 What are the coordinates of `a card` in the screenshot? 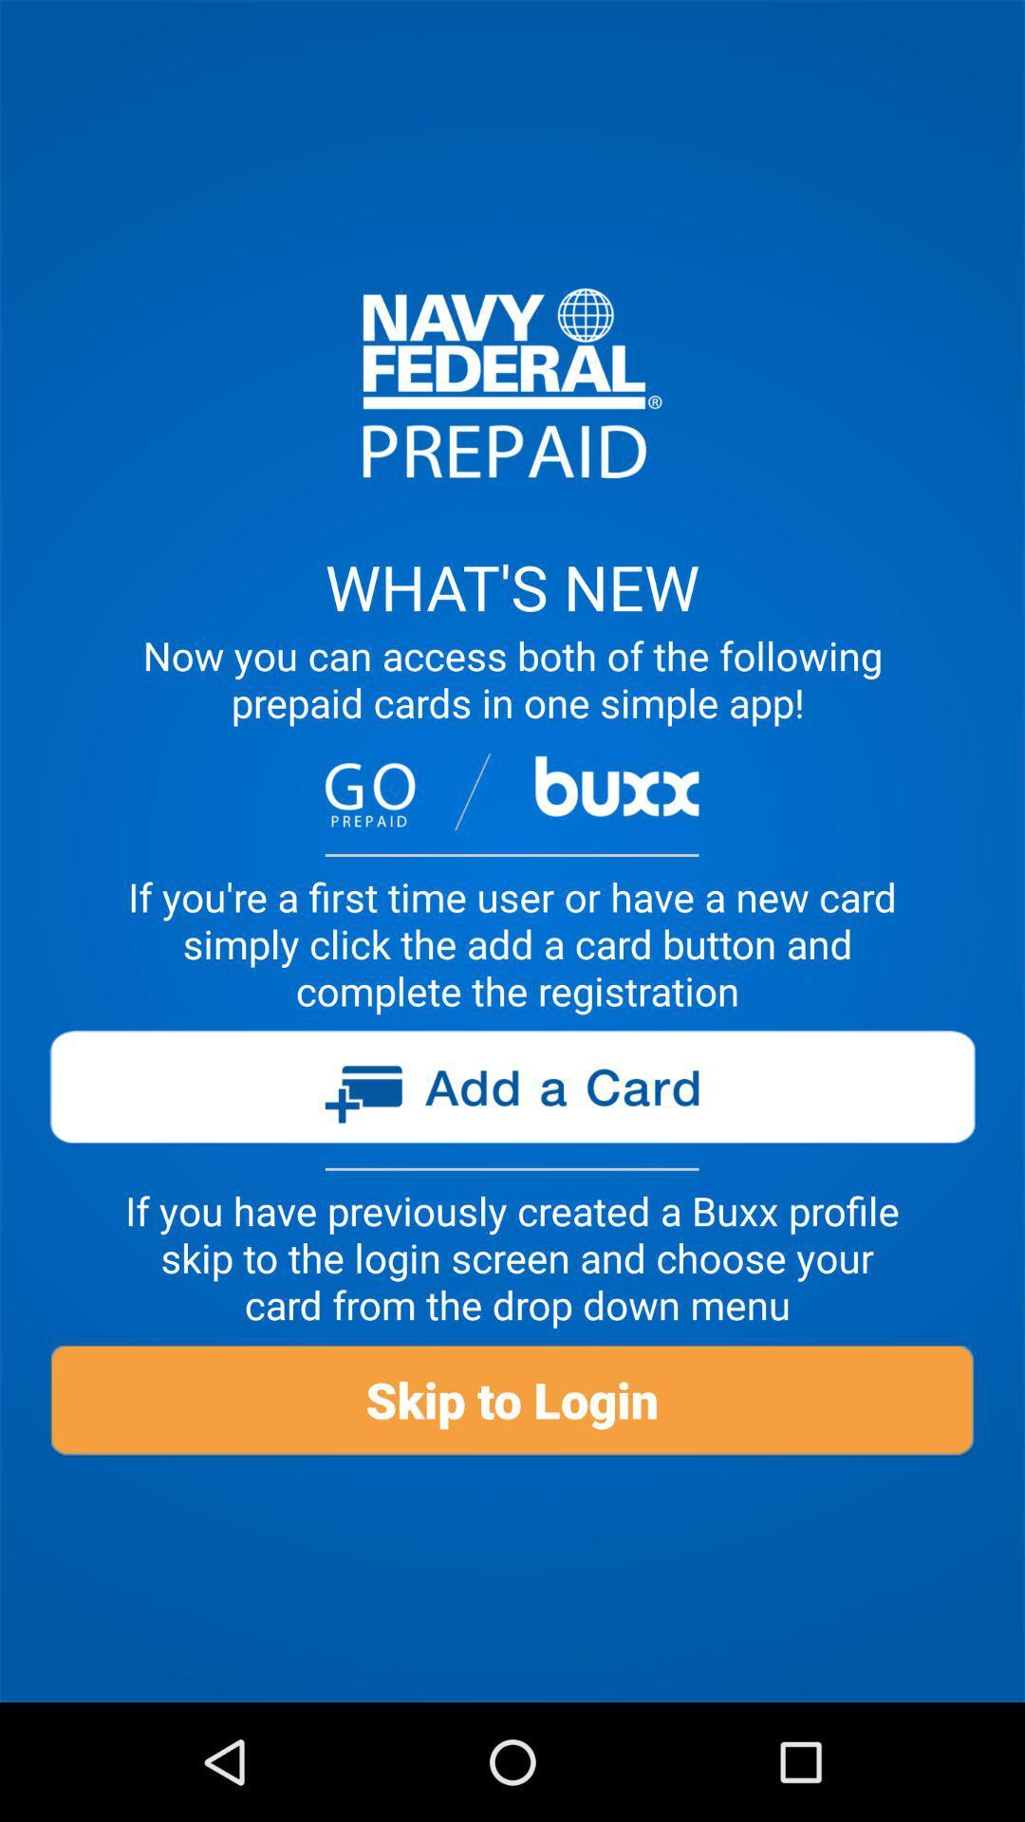 It's located at (511, 1094).